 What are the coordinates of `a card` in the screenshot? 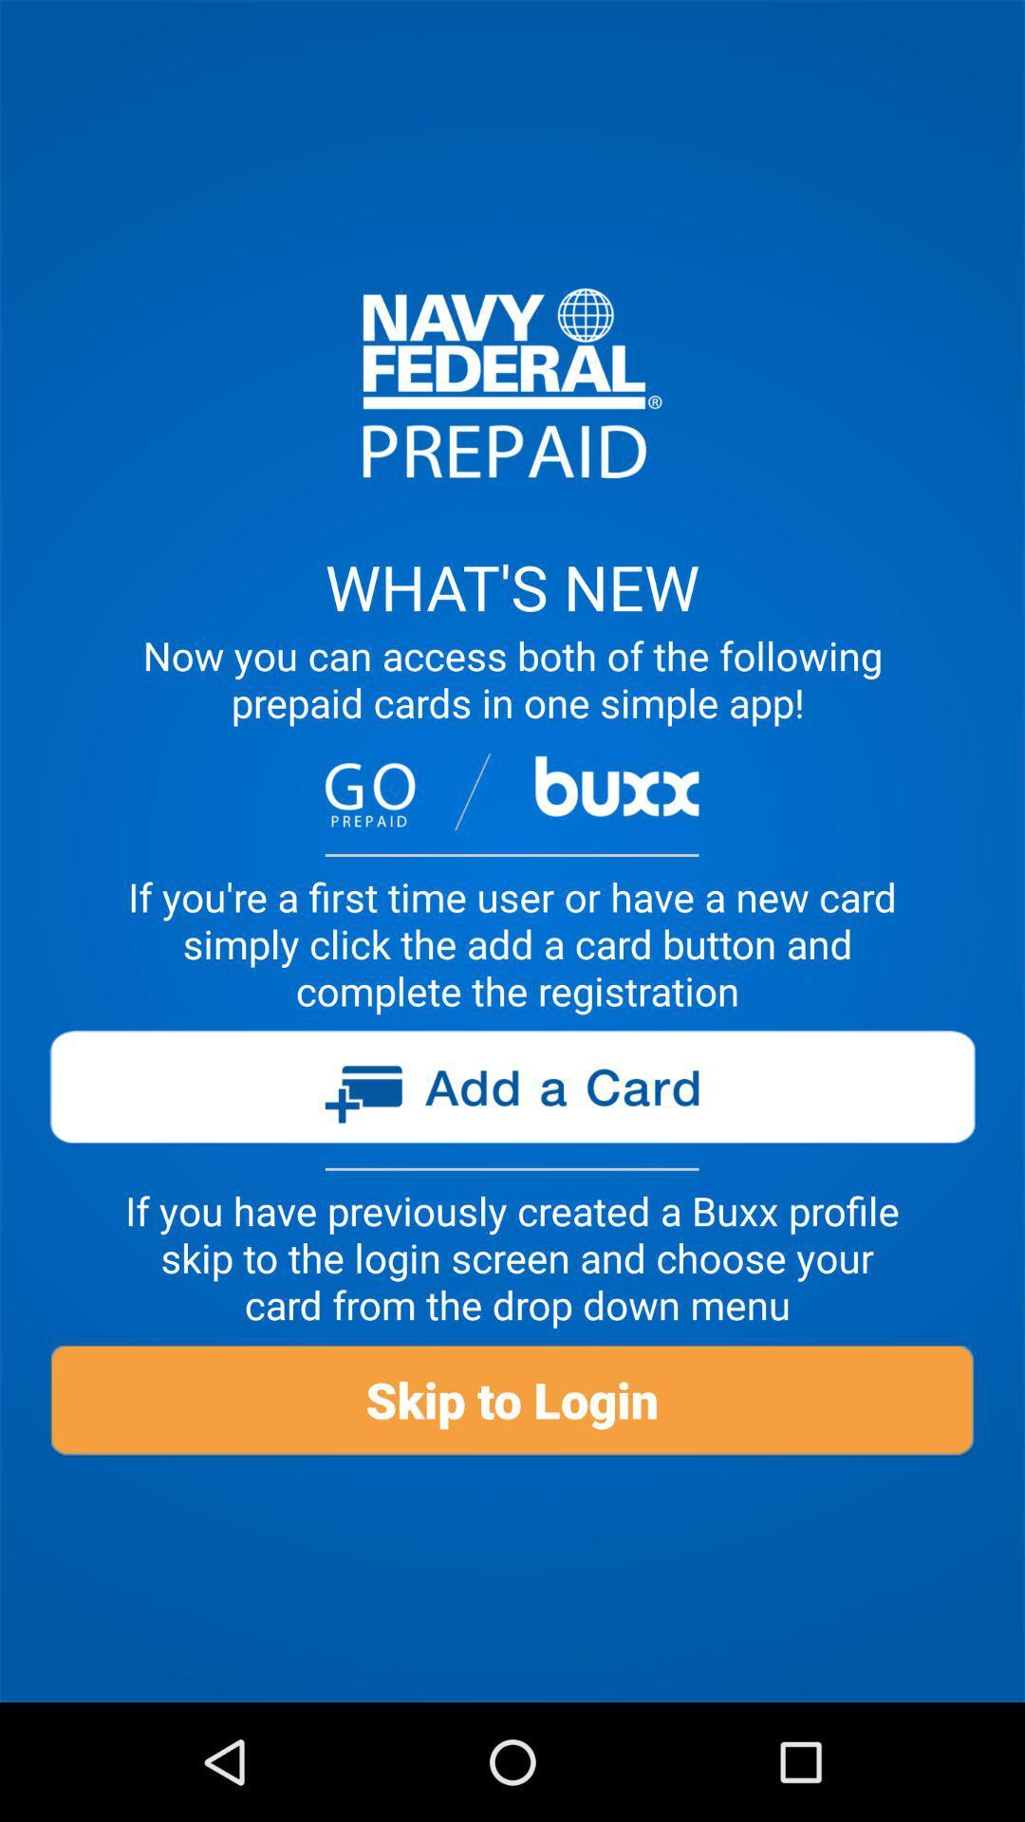 It's located at (511, 1094).